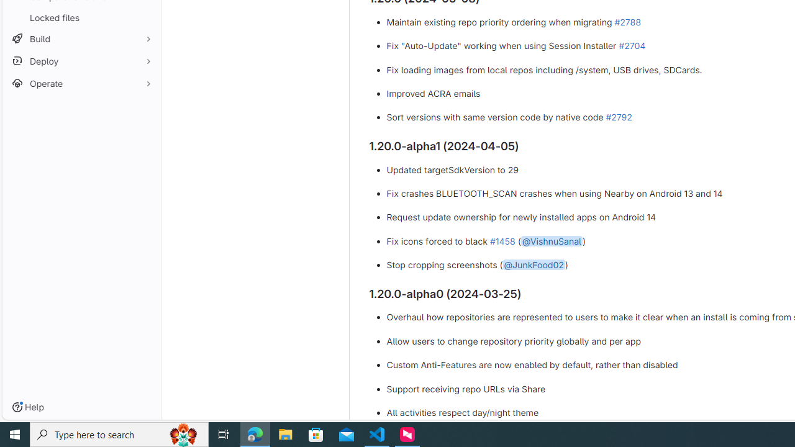  Describe the element at coordinates (81, 17) in the screenshot. I see `'Locked files'` at that location.